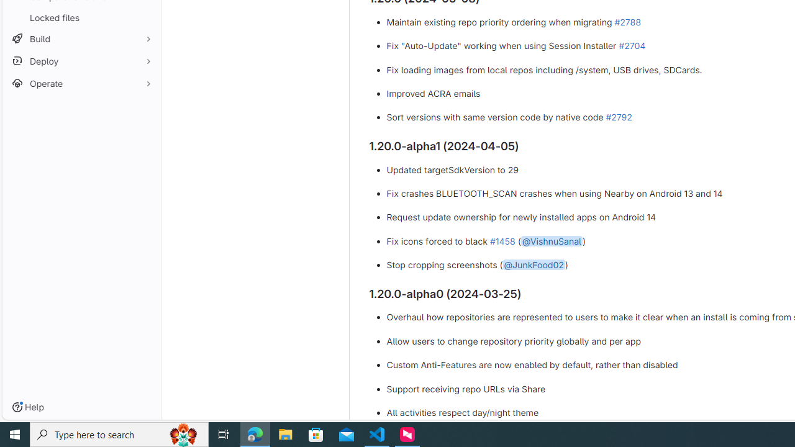  Describe the element at coordinates (81, 17) in the screenshot. I see `'Locked files'` at that location.